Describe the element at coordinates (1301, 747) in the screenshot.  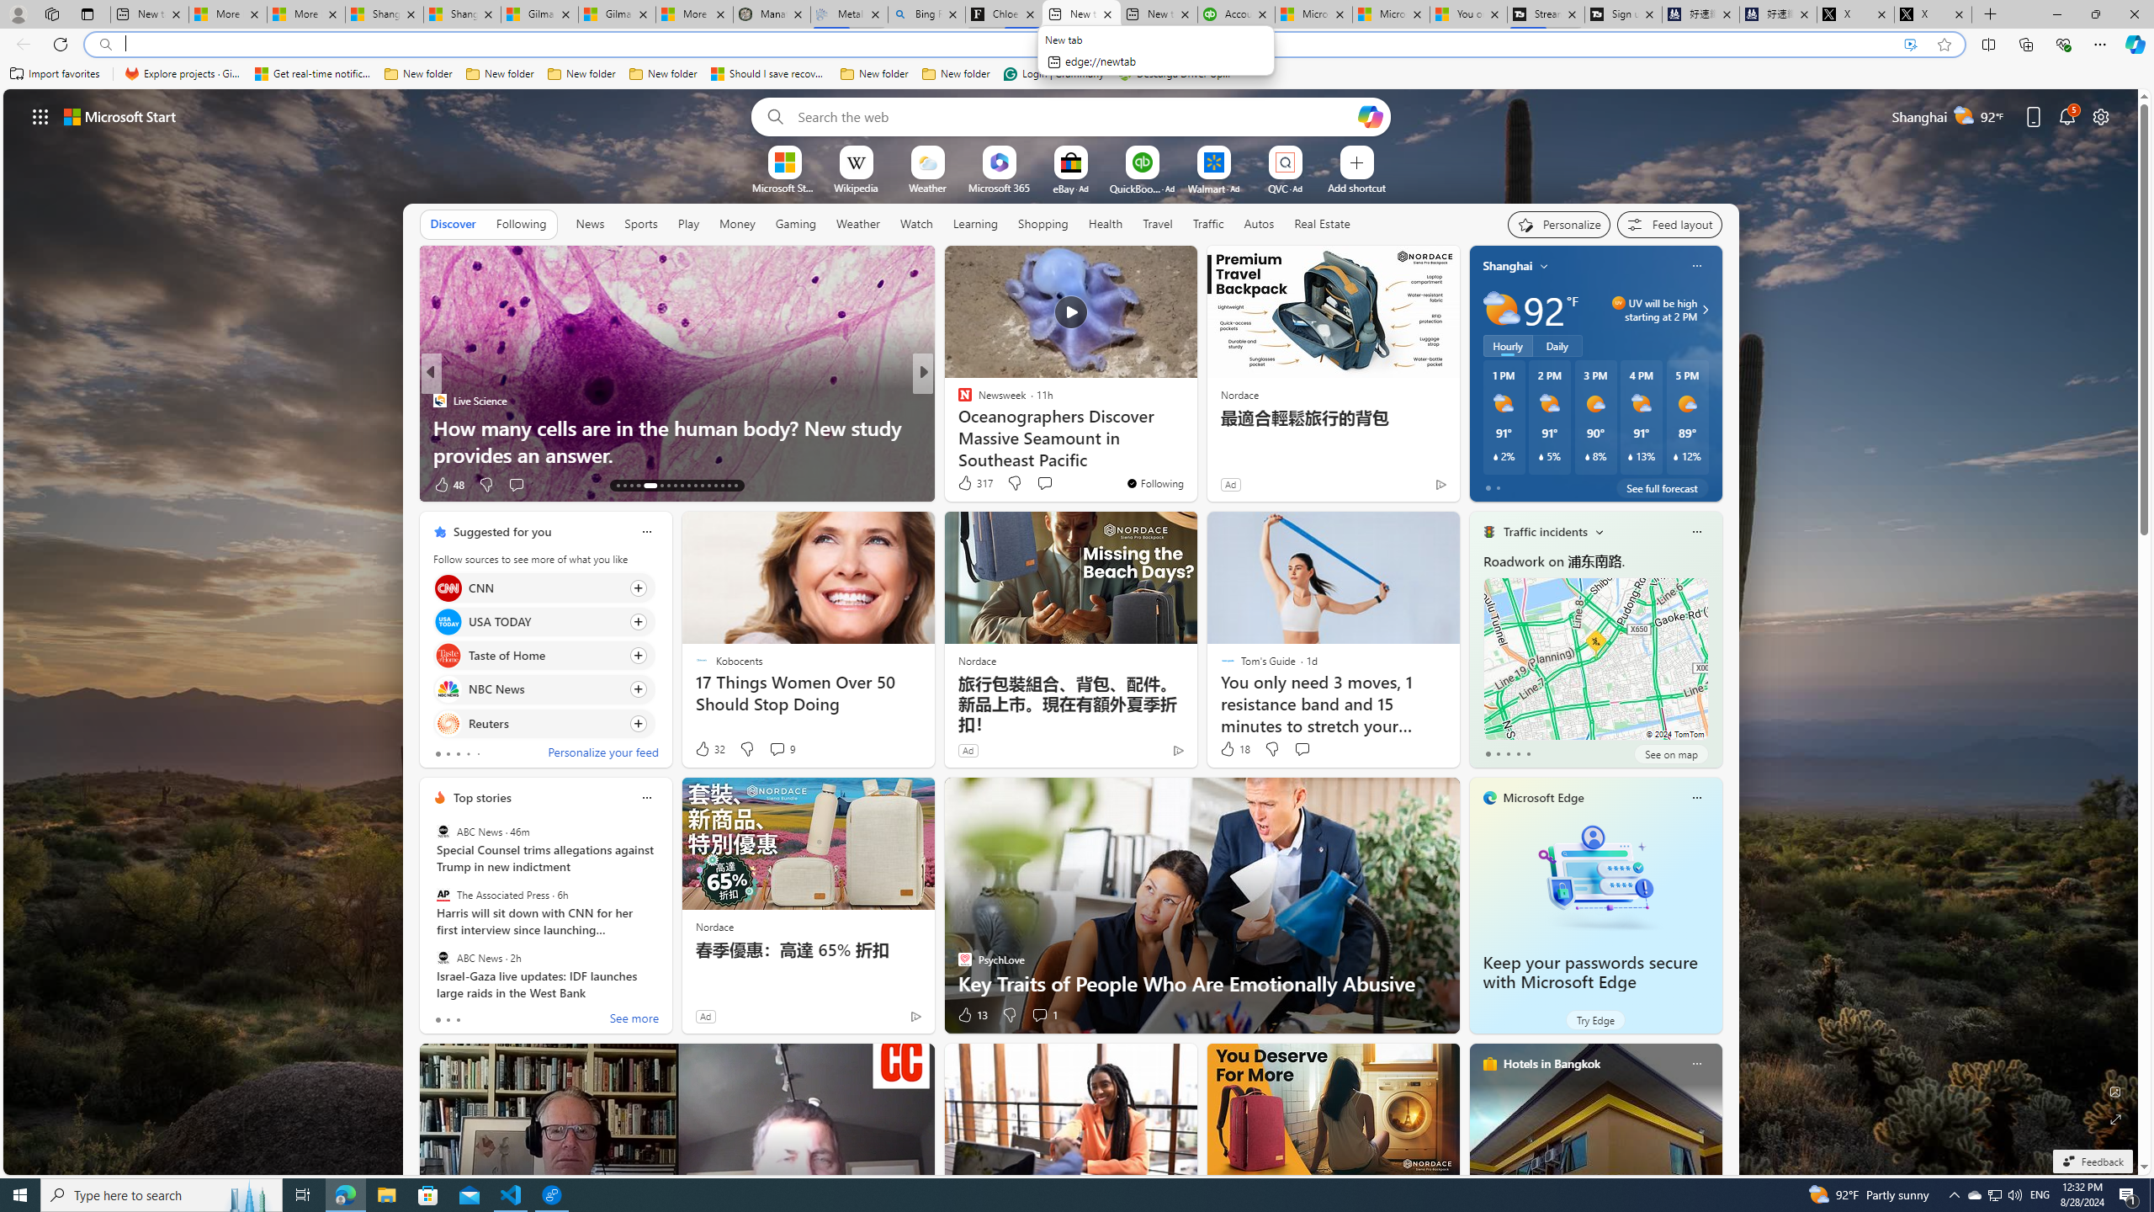
I see `'Start the conversation'` at that location.